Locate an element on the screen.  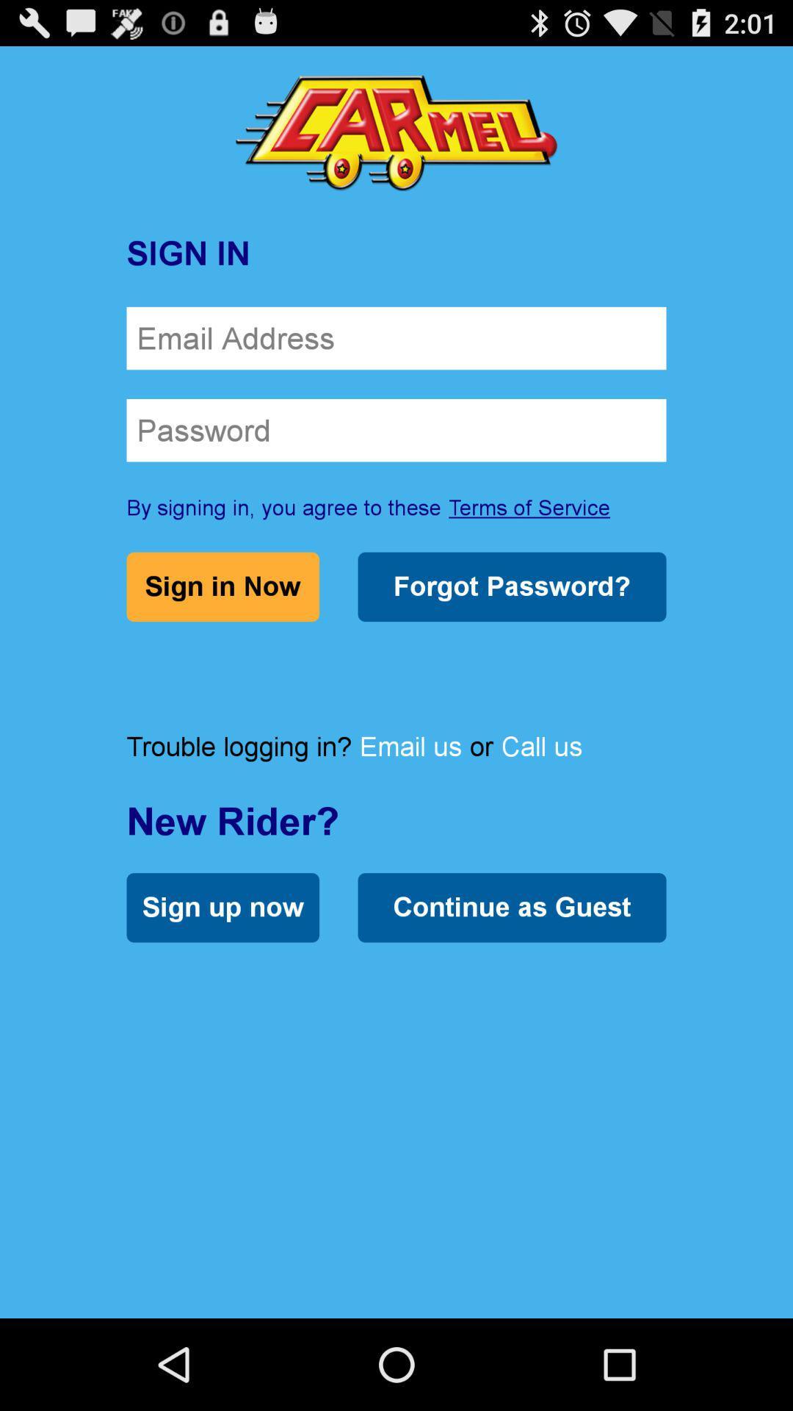
the  call us  item is located at coordinates (541, 746).